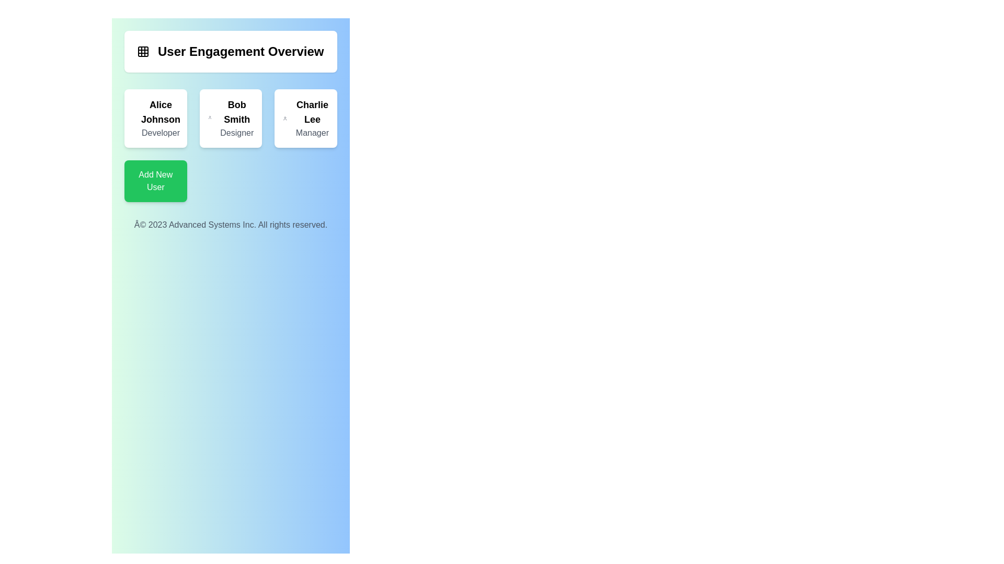 The image size is (1004, 564). What do you see at coordinates (230, 145) in the screenshot?
I see `the user profile display card that presents the details of an individual, located in the middle of three cards between 'Alice Johnson' and 'Charlie Lee'` at bounding box center [230, 145].